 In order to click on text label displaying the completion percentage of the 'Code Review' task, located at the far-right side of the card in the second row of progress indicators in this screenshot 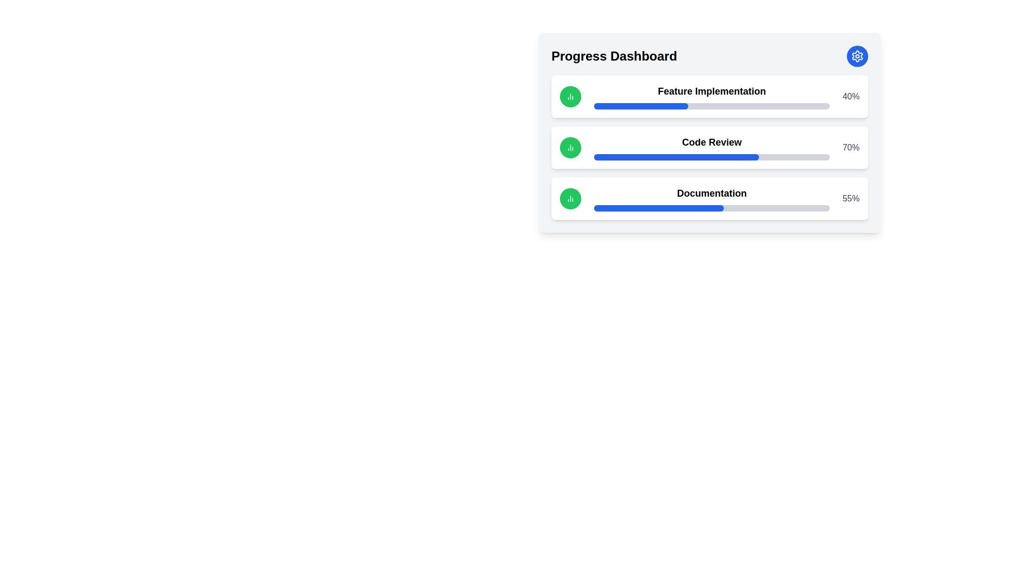, I will do `click(850, 147)`.